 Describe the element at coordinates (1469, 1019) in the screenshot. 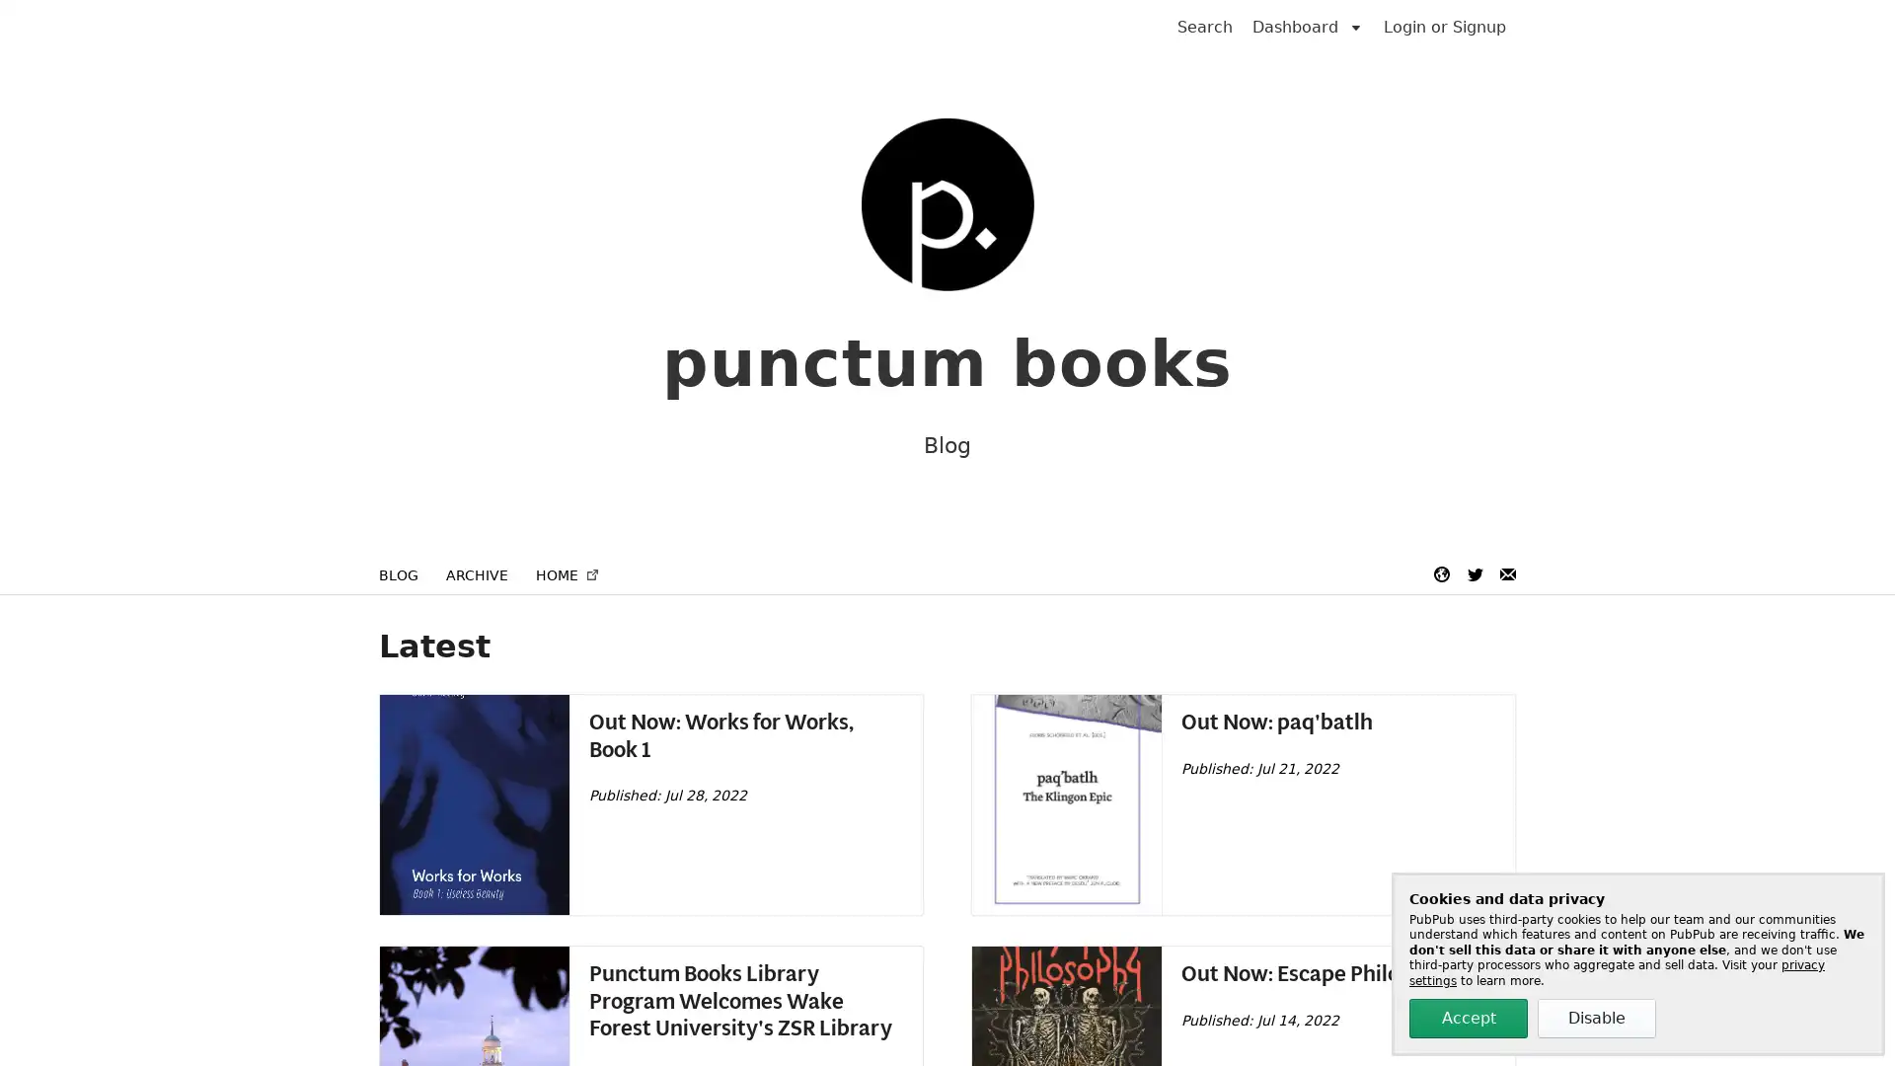

I see `Accept` at that location.